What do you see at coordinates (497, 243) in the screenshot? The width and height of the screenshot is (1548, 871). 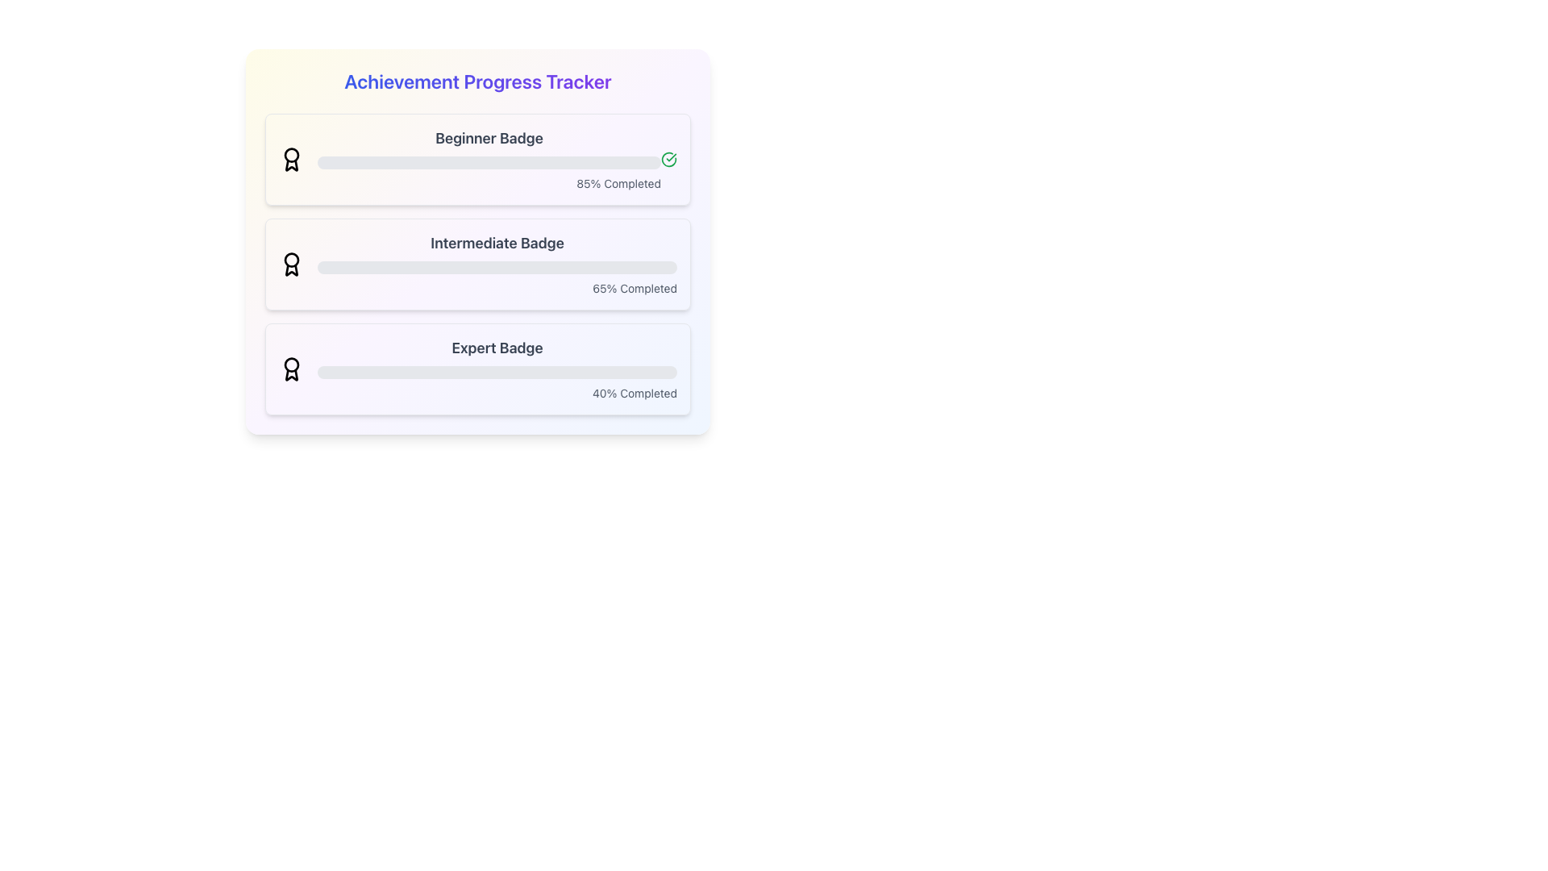 I see `label representing the title of the 'Intermediate Badge' to understand the badge level` at bounding box center [497, 243].